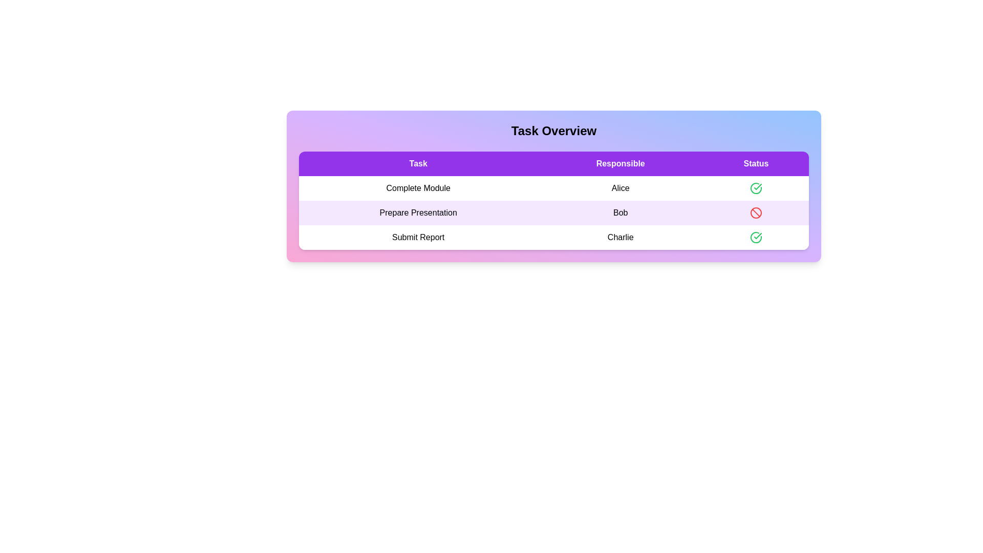 This screenshot has height=553, width=983. What do you see at coordinates (756, 188) in the screenshot?
I see `the green circular Status Icon with a checkmark inside, which indicates a completed status for the 'Complete Module' in the 'Status' column` at bounding box center [756, 188].